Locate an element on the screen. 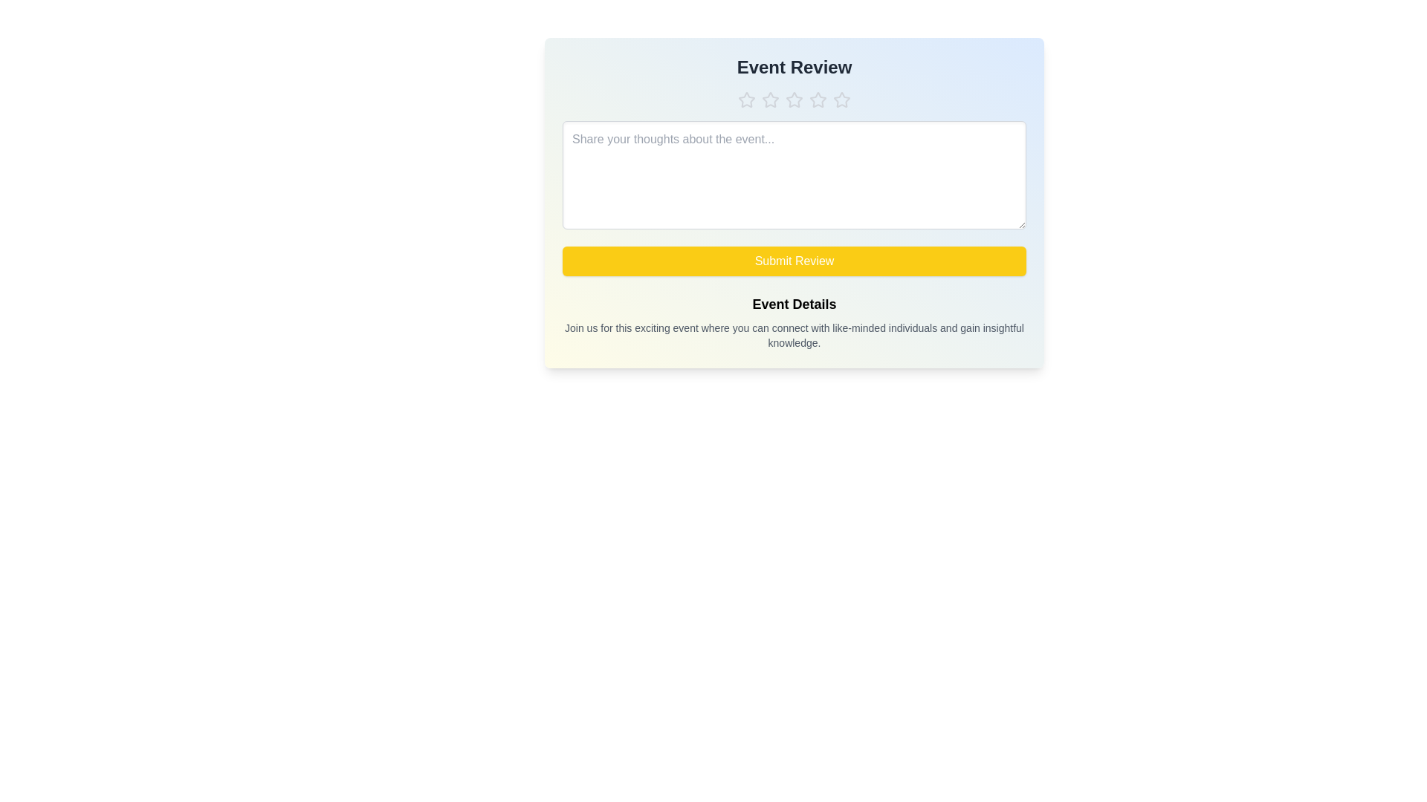  the star corresponding to 4 to set the rating is located at coordinates (817, 100).